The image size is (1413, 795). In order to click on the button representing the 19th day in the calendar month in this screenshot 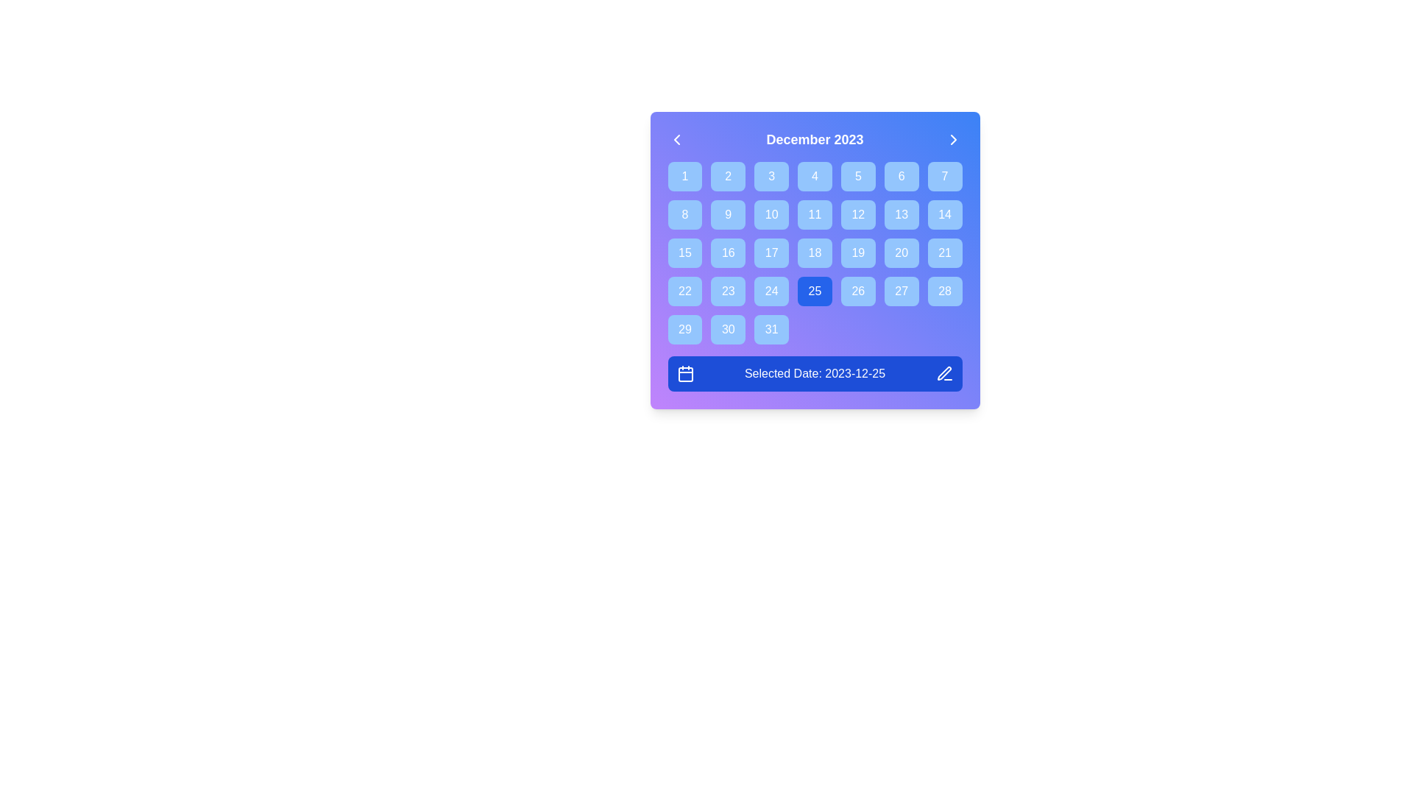, I will do `click(858, 252)`.